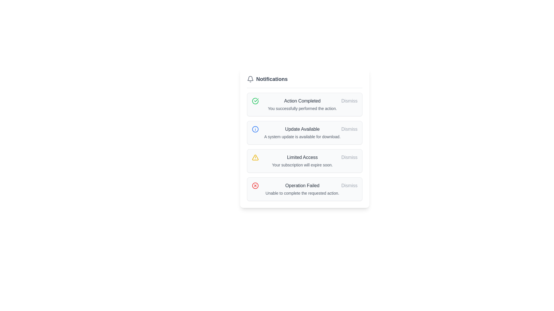  Describe the element at coordinates (302, 165) in the screenshot. I see `the static text element that reads 'Your subscription will expire soon.' located in the warning notification, below the title 'Limited Access'` at that location.